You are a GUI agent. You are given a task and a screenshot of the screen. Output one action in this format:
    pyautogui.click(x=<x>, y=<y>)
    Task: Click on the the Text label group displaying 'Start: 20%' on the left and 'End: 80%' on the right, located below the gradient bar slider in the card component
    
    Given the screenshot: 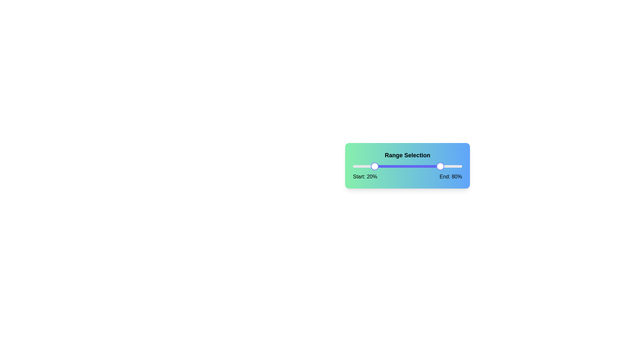 What is the action you would take?
    pyautogui.click(x=407, y=176)
    